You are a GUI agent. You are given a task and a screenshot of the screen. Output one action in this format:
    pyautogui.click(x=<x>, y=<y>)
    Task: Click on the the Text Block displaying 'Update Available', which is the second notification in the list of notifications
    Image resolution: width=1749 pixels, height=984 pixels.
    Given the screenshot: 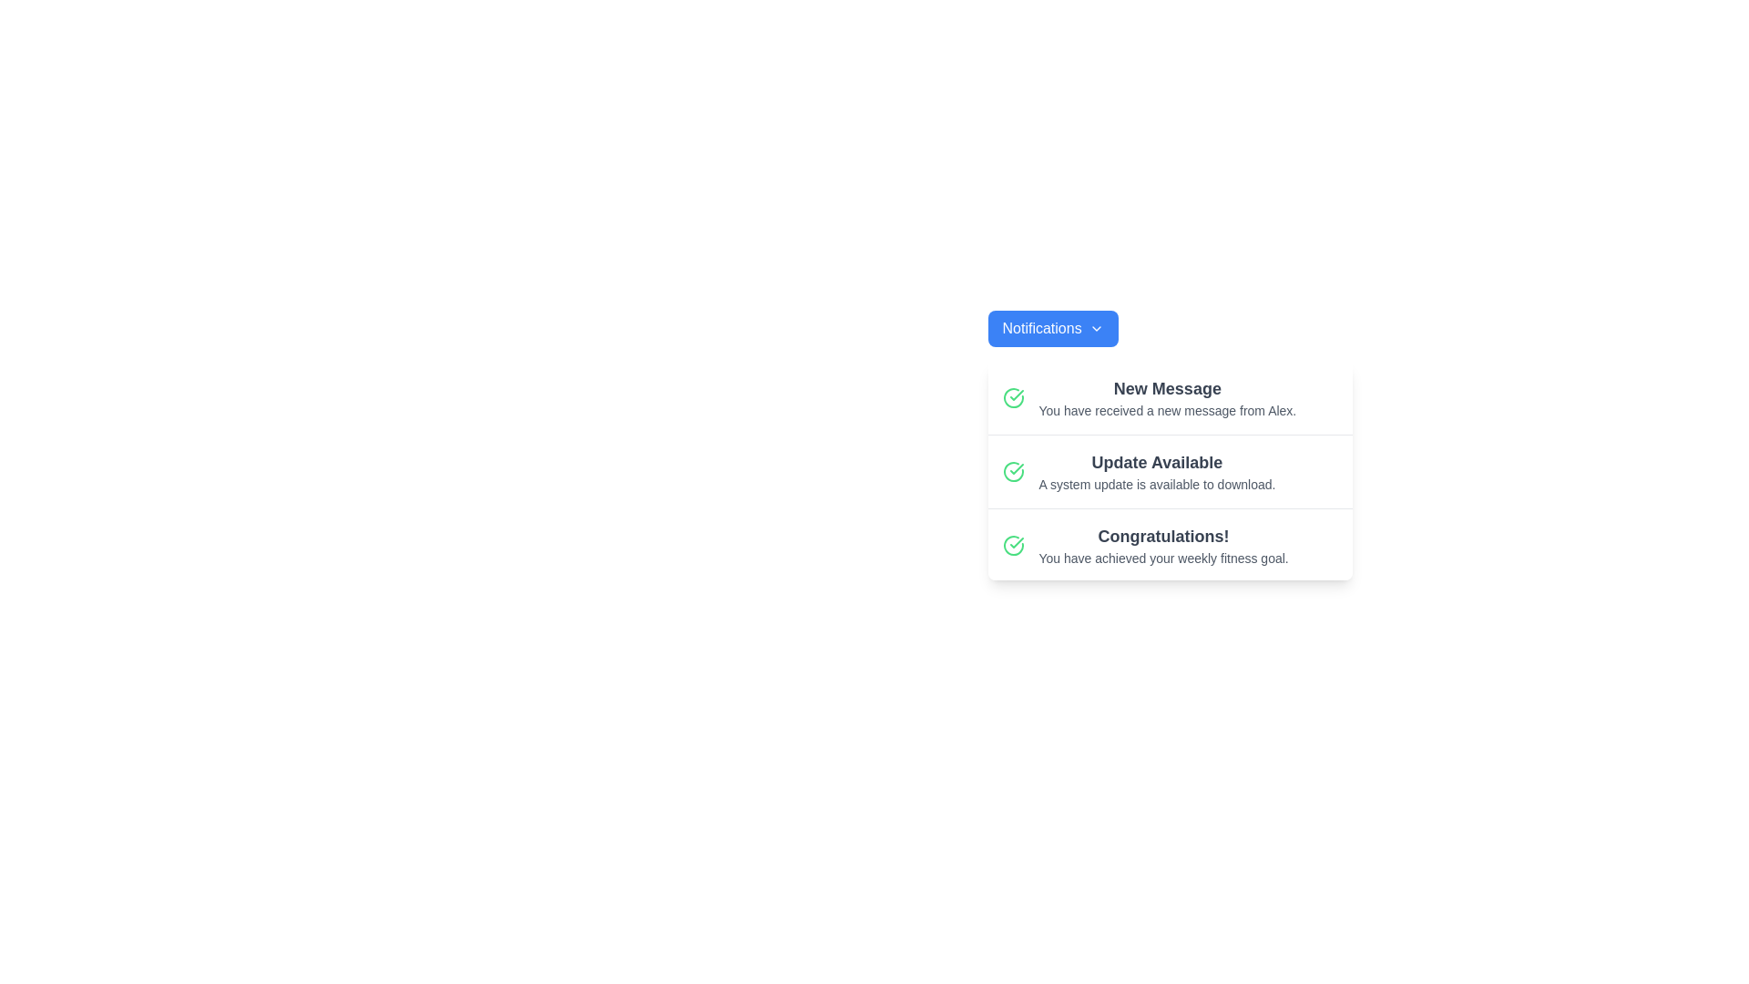 What is the action you would take?
    pyautogui.click(x=1156, y=470)
    